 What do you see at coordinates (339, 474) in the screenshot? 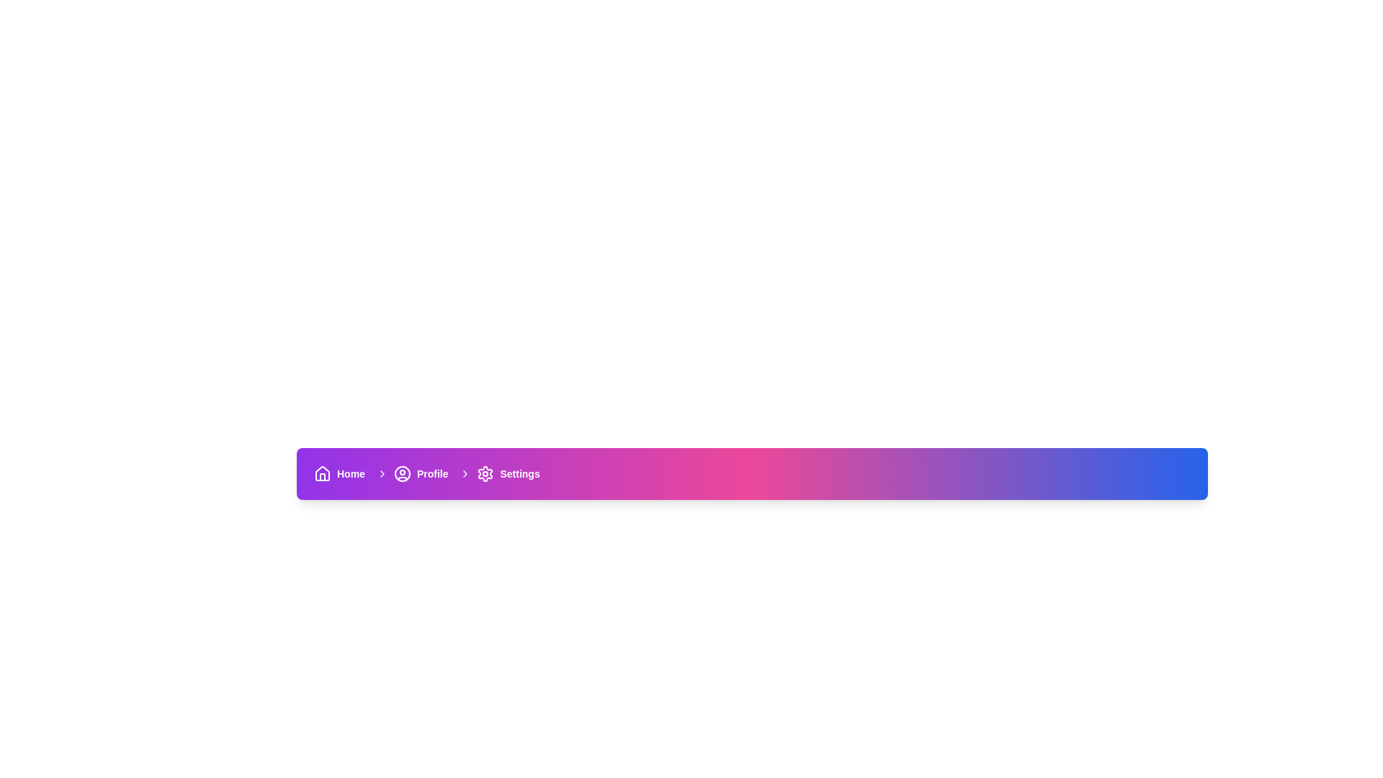
I see `the 'Home' hyperlink button with a house icon and bold text` at bounding box center [339, 474].